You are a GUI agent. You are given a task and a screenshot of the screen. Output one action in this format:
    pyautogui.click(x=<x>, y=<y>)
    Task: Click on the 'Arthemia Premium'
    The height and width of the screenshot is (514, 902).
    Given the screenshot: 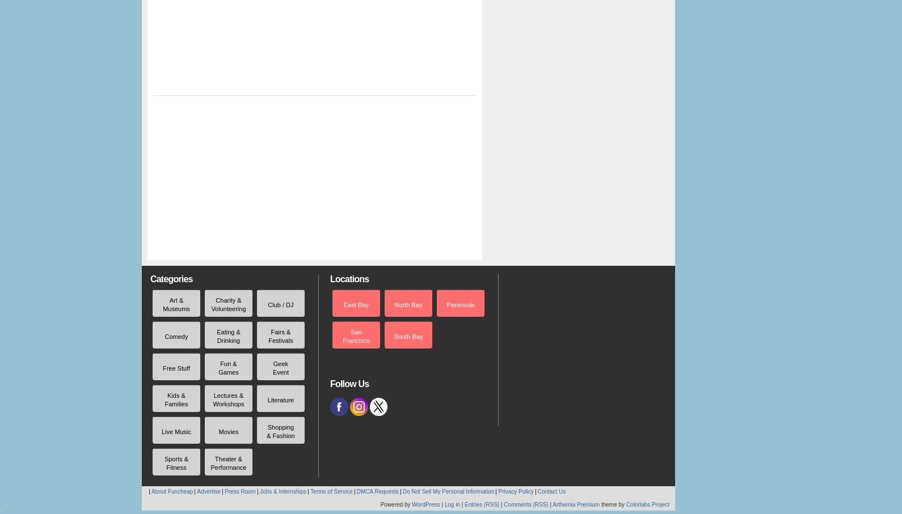 What is the action you would take?
    pyautogui.click(x=552, y=504)
    